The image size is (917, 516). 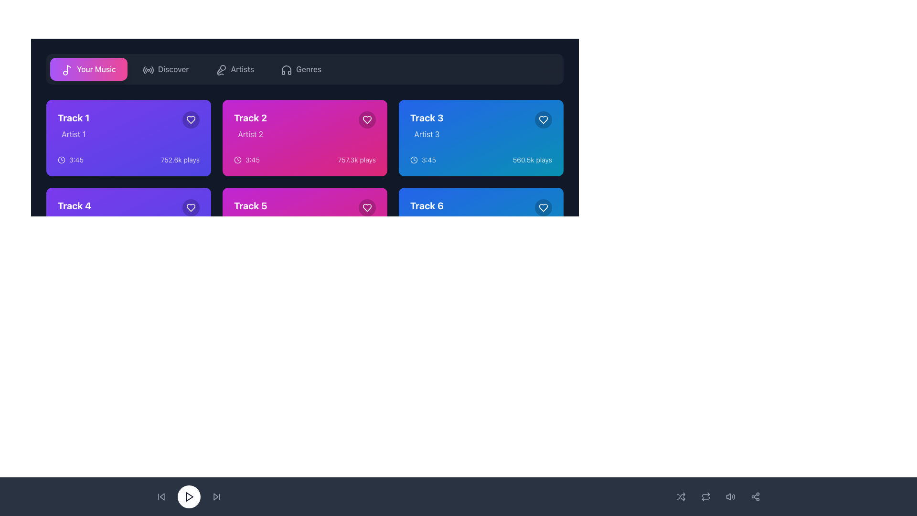 What do you see at coordinates (543, 207) in the screenshot?
I see `the heart-shaped outline icon located in the upper-right corner of 'Track 6' to like or unlike the track` at bounding box center [543, 207].